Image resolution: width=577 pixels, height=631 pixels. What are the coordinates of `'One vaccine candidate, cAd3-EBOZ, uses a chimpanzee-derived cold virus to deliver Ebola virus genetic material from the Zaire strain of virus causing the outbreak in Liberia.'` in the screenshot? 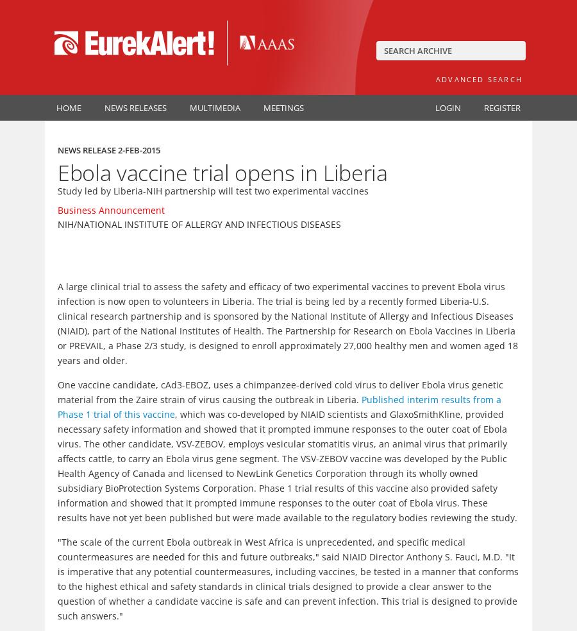 It's located at (57, 392).